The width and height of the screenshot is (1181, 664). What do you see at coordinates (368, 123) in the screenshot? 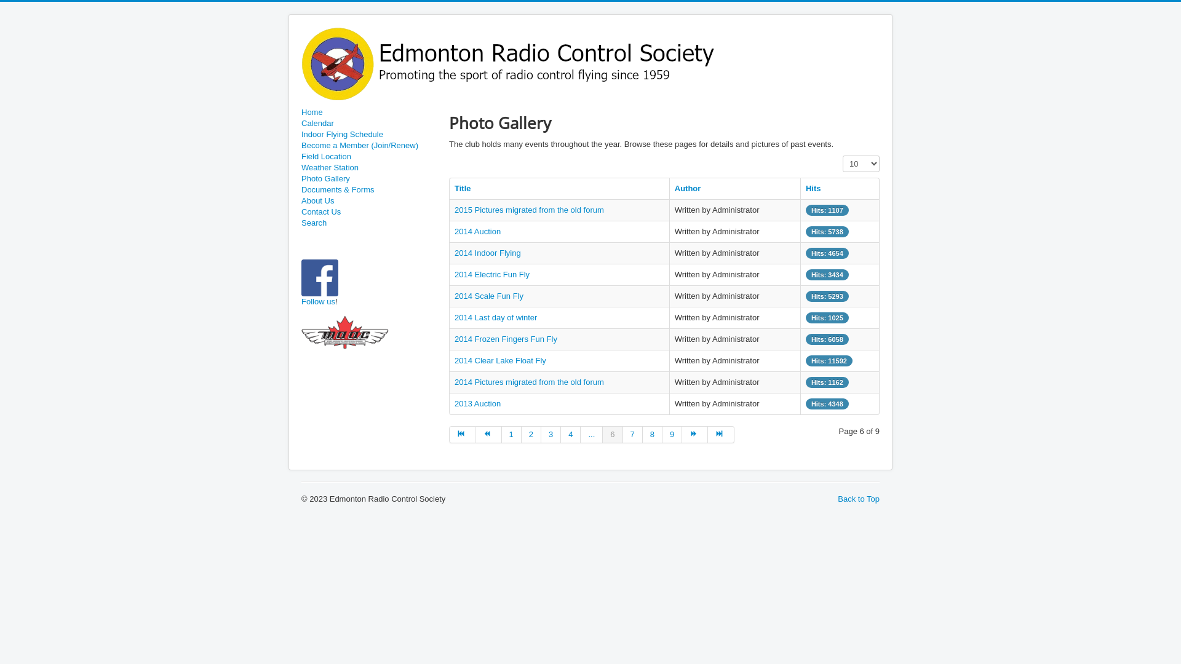
I see `'Calendar'` at bounding box center [368, 123].